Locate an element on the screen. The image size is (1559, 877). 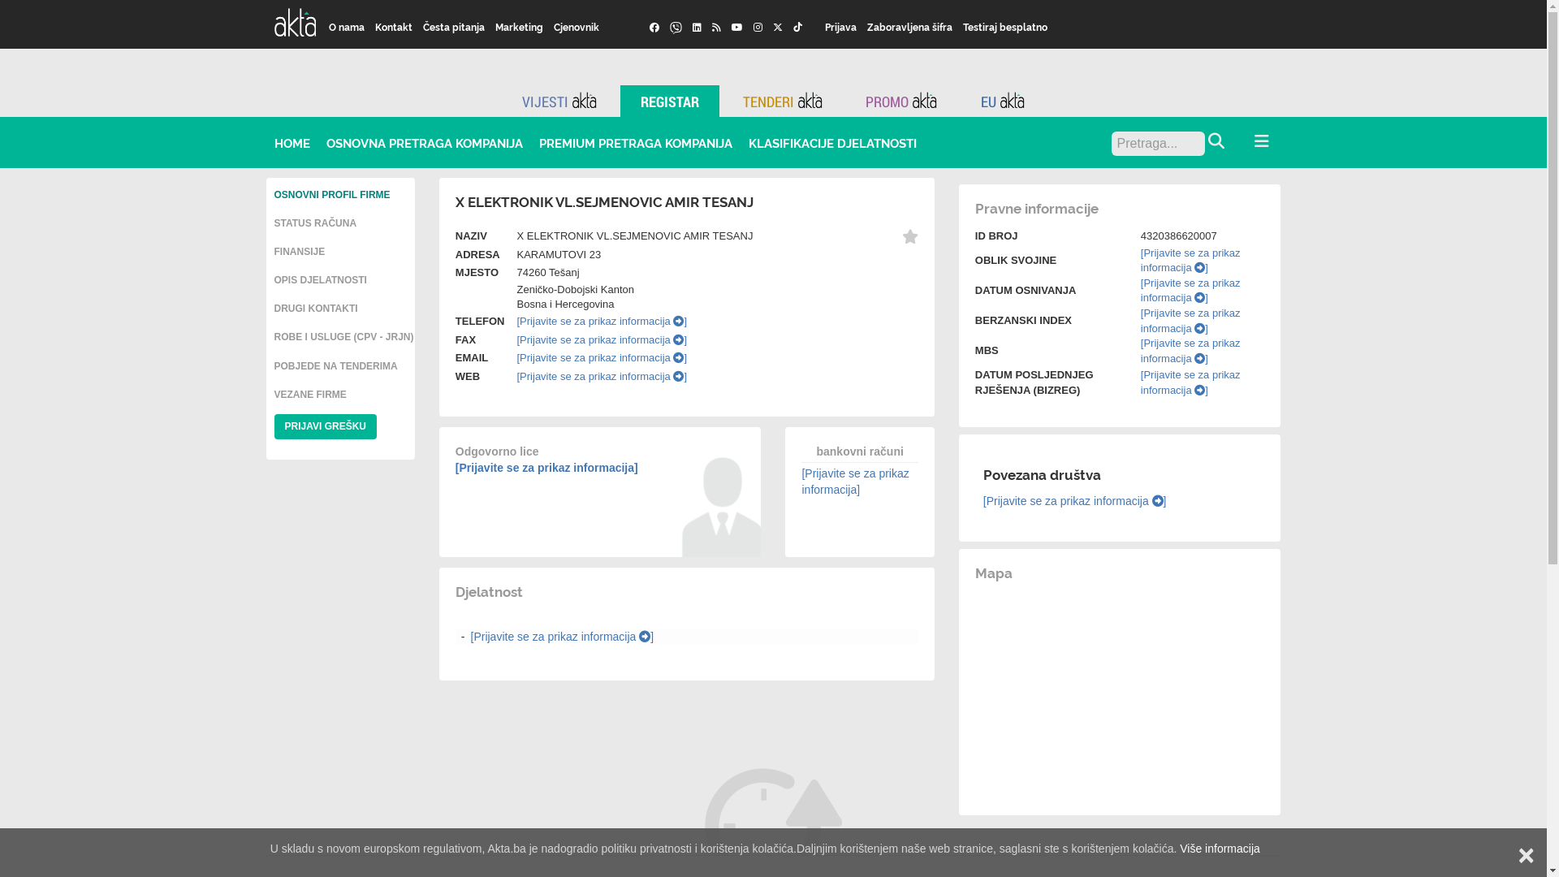
'ROBE I USLUGE (CPV - JRJN)' is located at coordinates (343, 336).